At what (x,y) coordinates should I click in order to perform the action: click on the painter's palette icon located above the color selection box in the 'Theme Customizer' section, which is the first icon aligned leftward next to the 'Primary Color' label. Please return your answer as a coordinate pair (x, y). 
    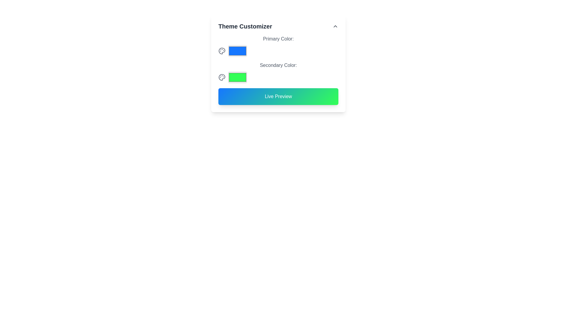
    Looking at the image, I should click on (221, 50).